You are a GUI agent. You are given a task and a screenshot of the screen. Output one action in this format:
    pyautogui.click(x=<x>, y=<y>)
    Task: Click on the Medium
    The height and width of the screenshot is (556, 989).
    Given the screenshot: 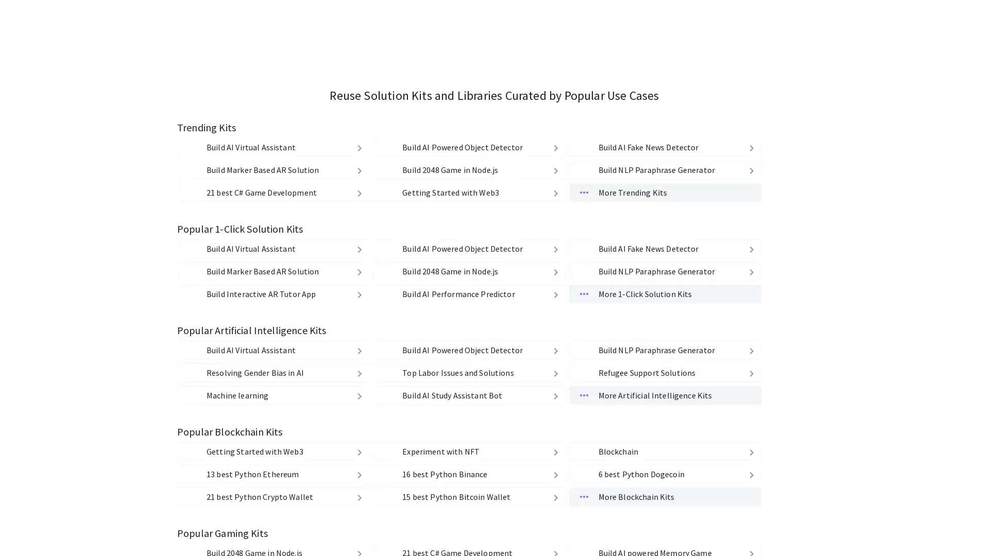 What is the action you would take?
    pyautogui.click(x=542, y=259)
    